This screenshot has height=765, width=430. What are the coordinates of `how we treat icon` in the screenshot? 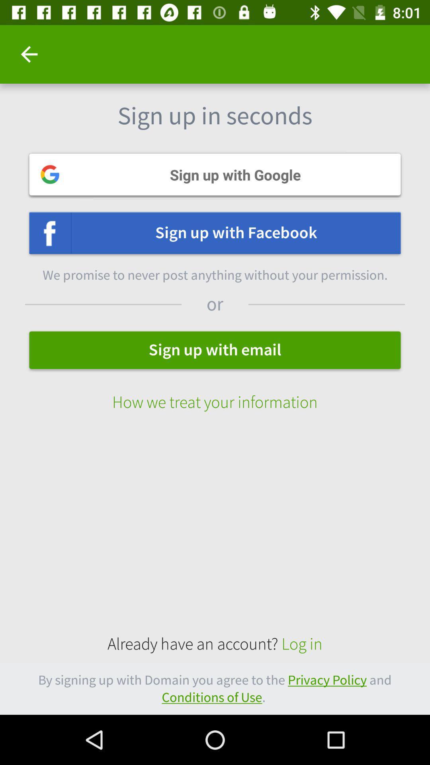 It's located at (215, 394).